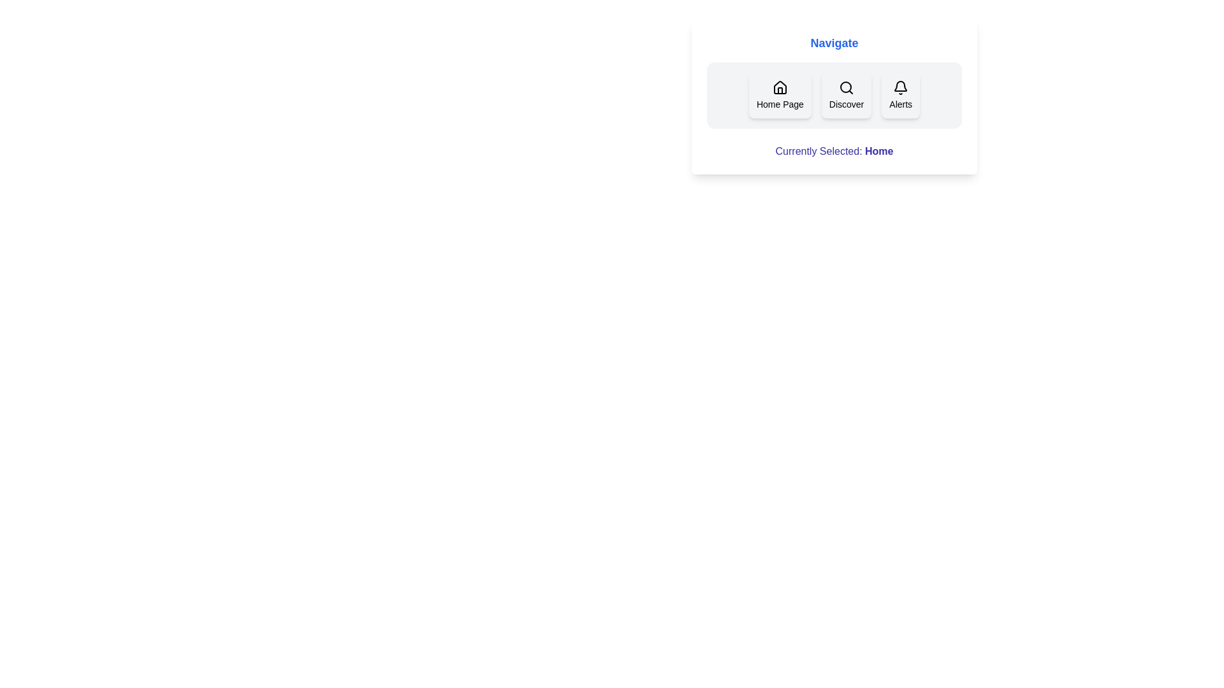 The height and width of the screenshot is (688, 1224). Describe the element at coordinates (779, 95) in the screenshot. I see `the 'Home Page' button, which is the first button in a horizontal list, featuring a house icon and located near the middle of the page` at that location.